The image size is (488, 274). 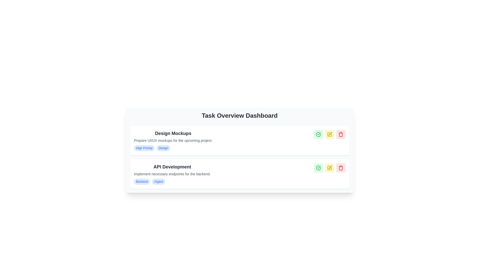 What do you see at coordinates (330, 133) in the screenshot?
I see `the pen icon, which is a stylized stroke forming the outline of a pen, located in the top-right corner of the task entry in the Task Overview Dashboard` at bounding box center [330, 133].